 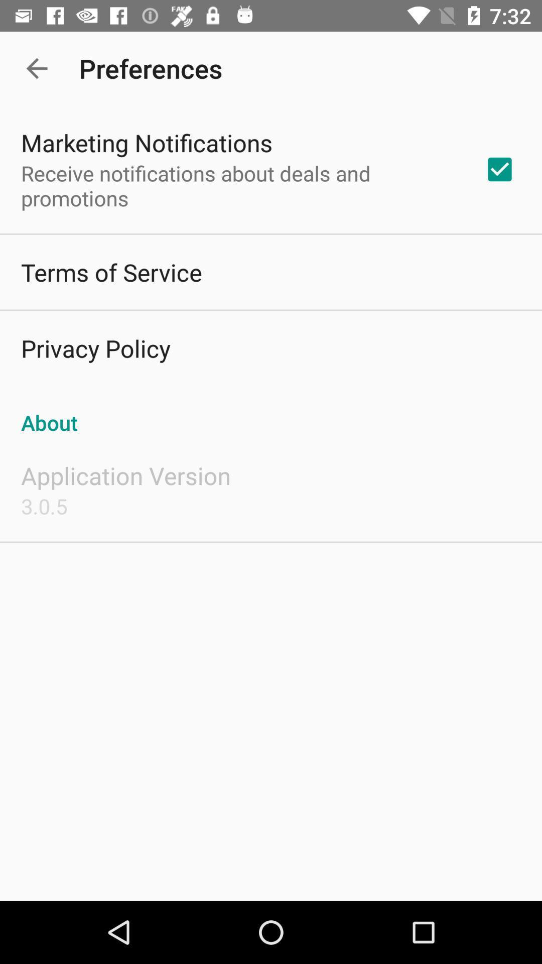 I want to click on item above about app, so click(x=499, y=169).